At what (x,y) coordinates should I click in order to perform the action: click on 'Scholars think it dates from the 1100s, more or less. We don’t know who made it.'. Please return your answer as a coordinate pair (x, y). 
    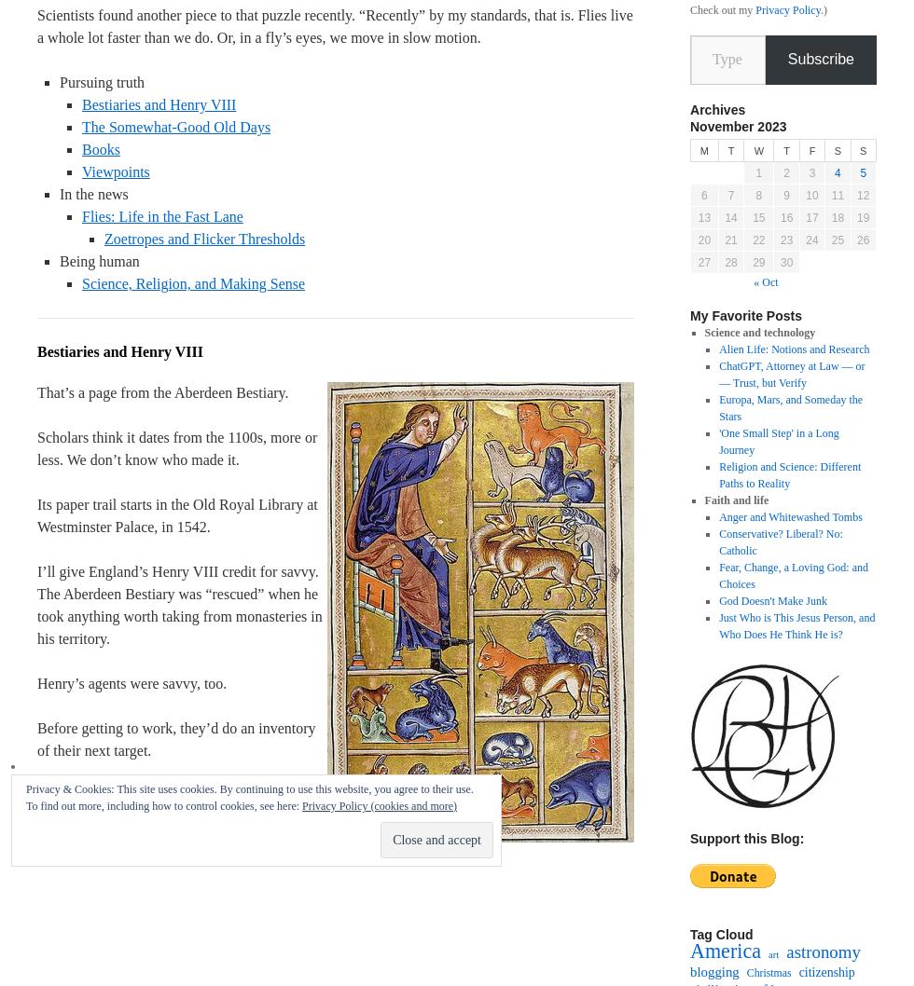
    Looking at the image, I should click on (177, 447).